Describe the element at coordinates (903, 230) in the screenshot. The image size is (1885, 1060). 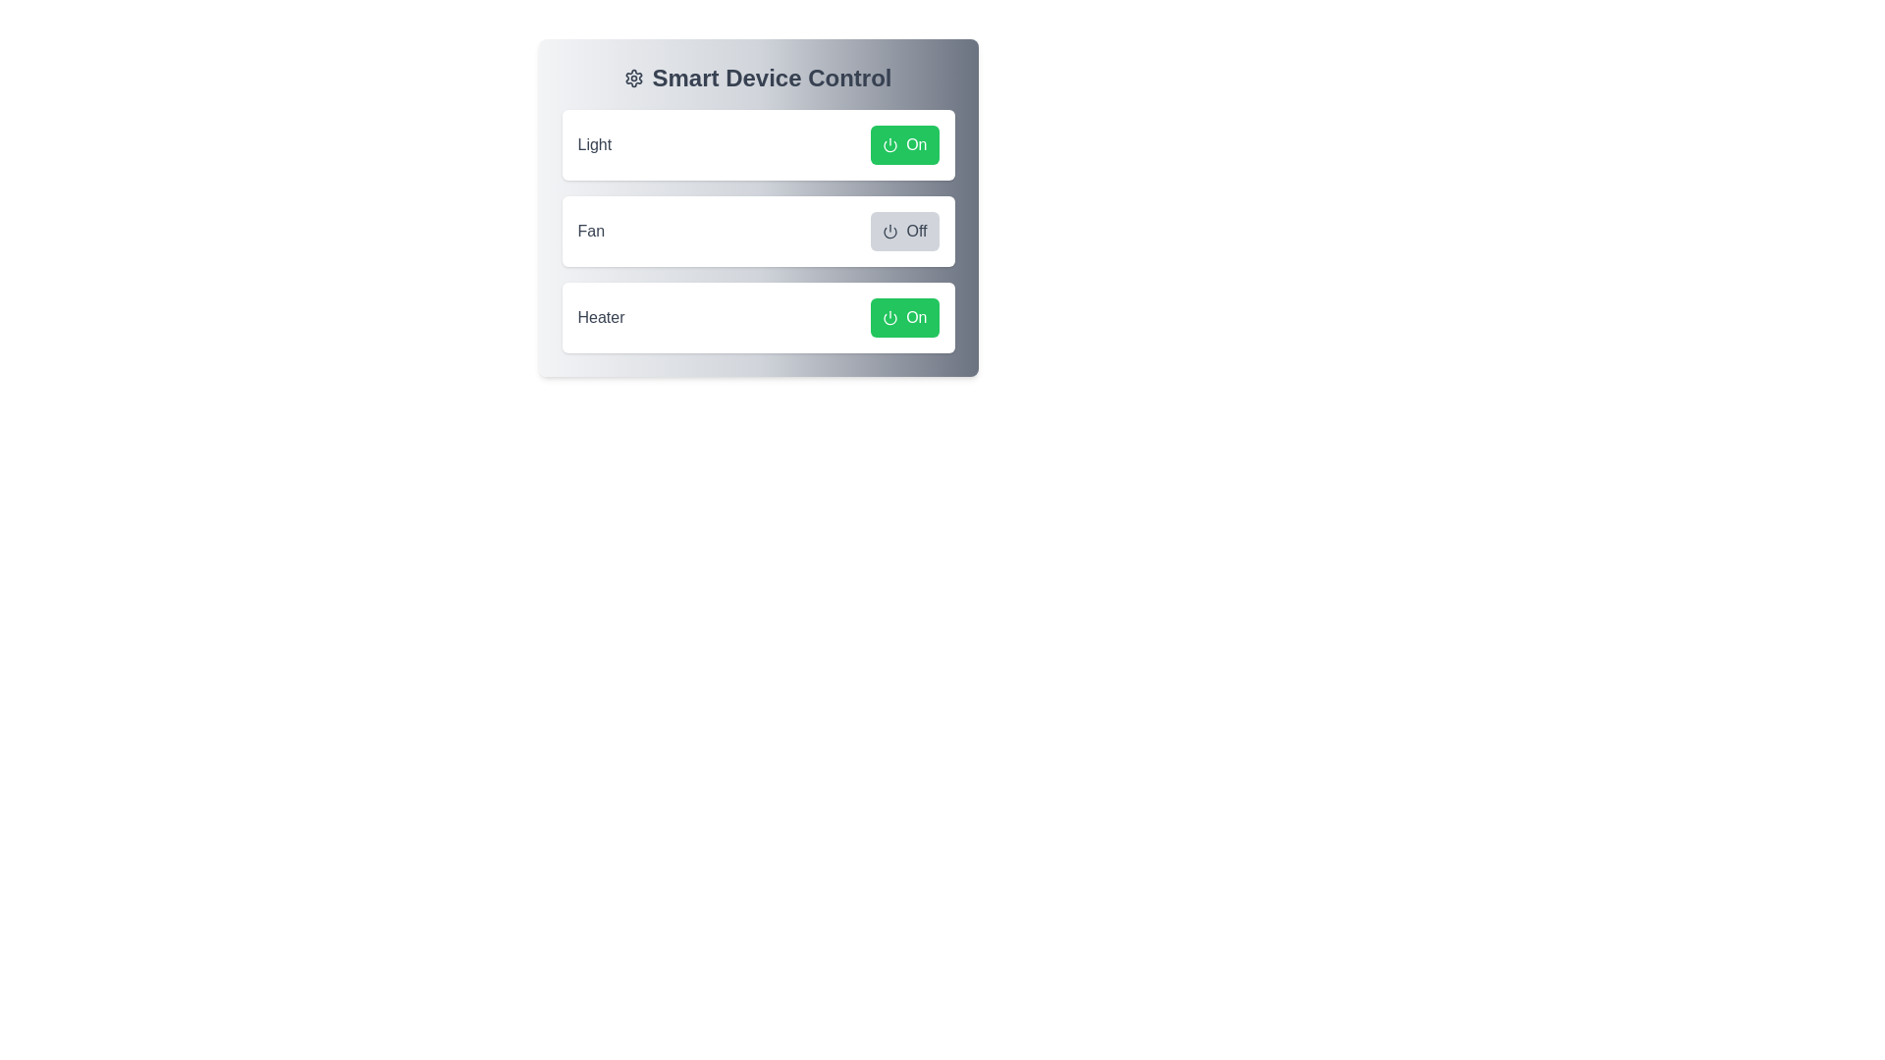
I see `the button labeled 'Off' for the 'Fan' device` at that location.